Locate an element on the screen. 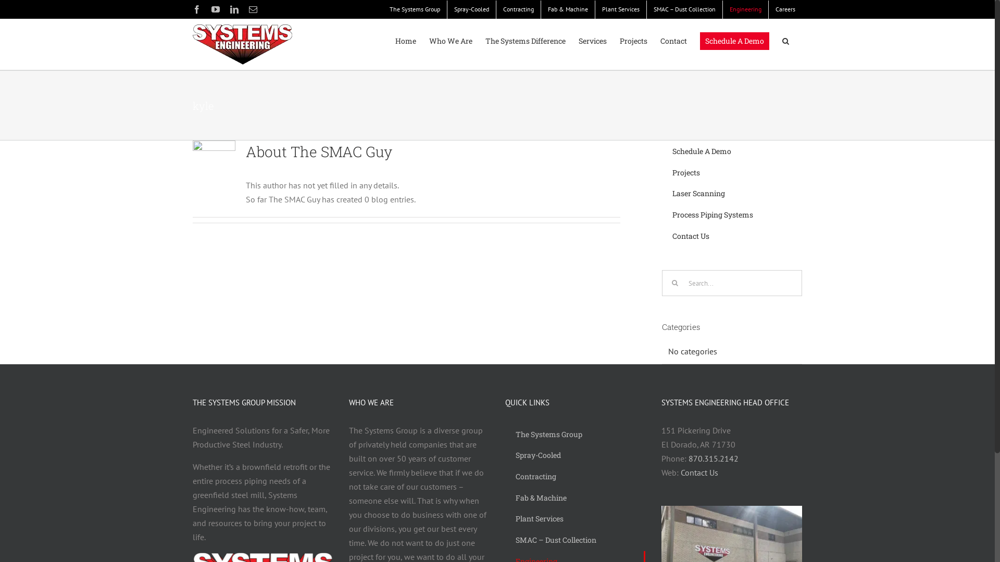 Image resolution: width=1000 pixels, height=562 pixels. '870.315.2142' is located at coordinates (712, 457).